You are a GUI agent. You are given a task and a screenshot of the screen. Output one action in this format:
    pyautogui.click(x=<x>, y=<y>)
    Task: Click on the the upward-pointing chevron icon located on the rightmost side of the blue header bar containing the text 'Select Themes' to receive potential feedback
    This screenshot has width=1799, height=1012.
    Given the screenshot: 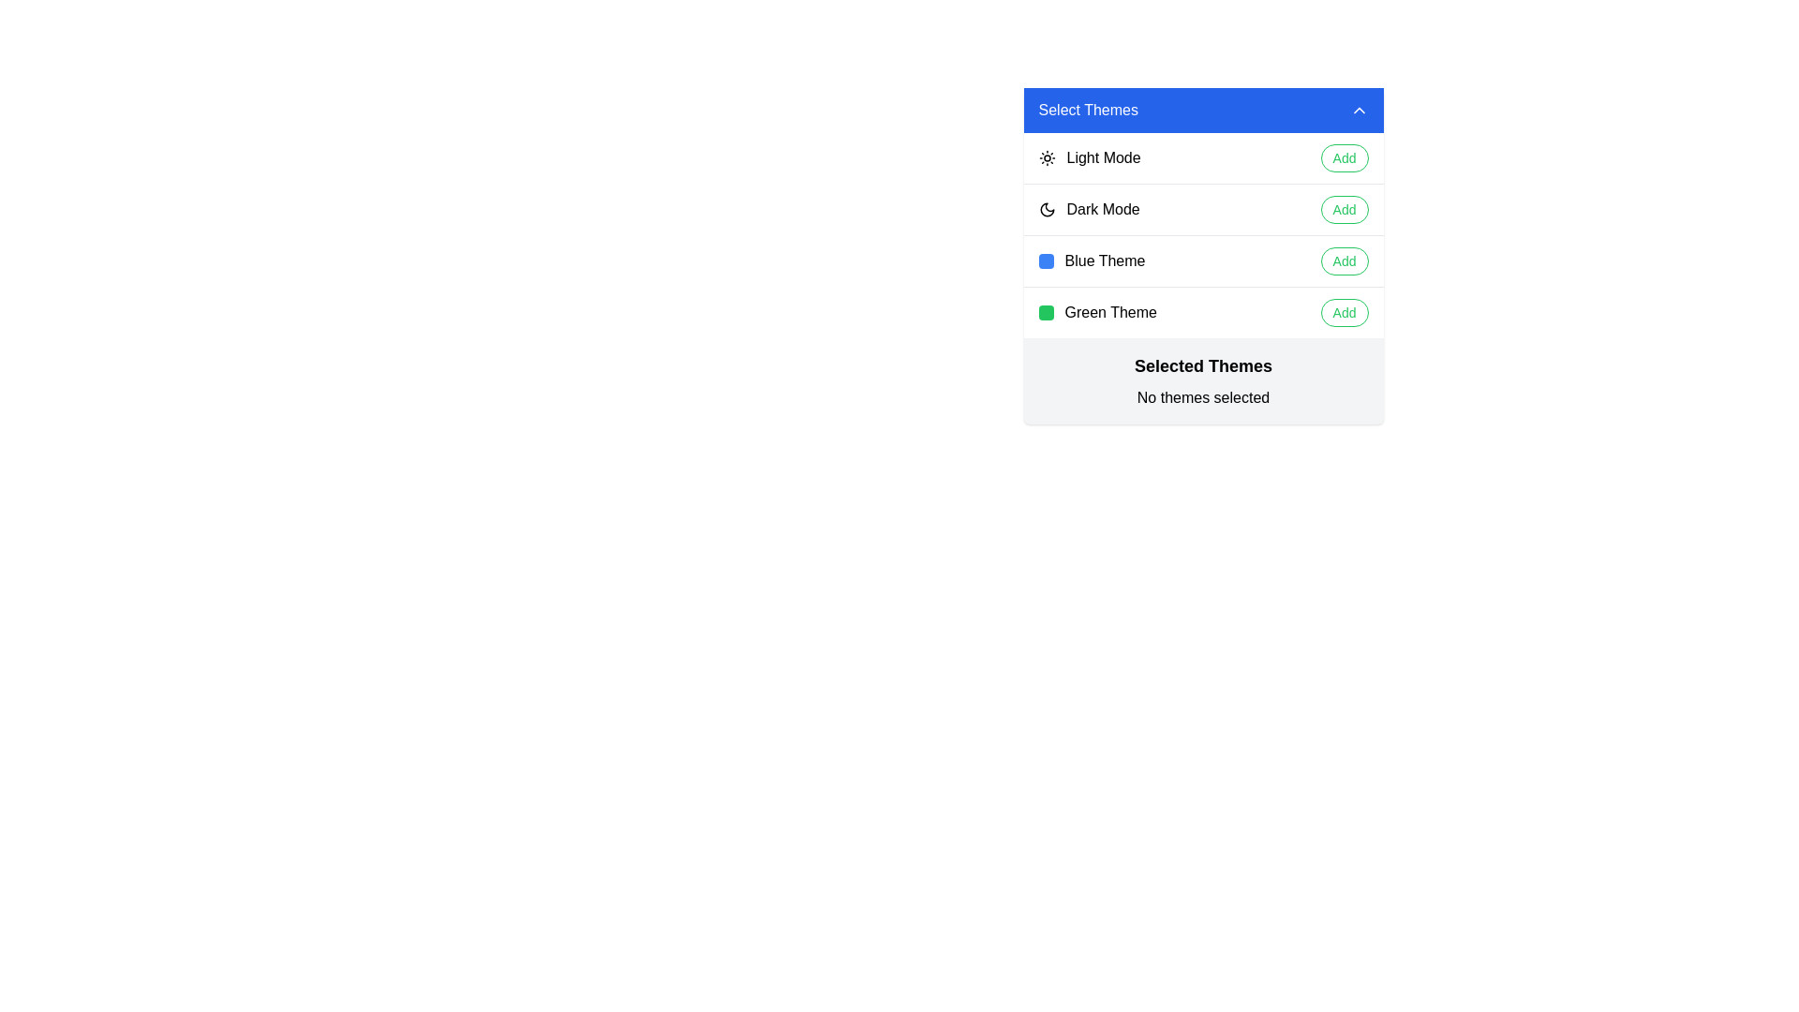 What is the action you would take?
    pyautogui.click(x=1359, y=111)
    